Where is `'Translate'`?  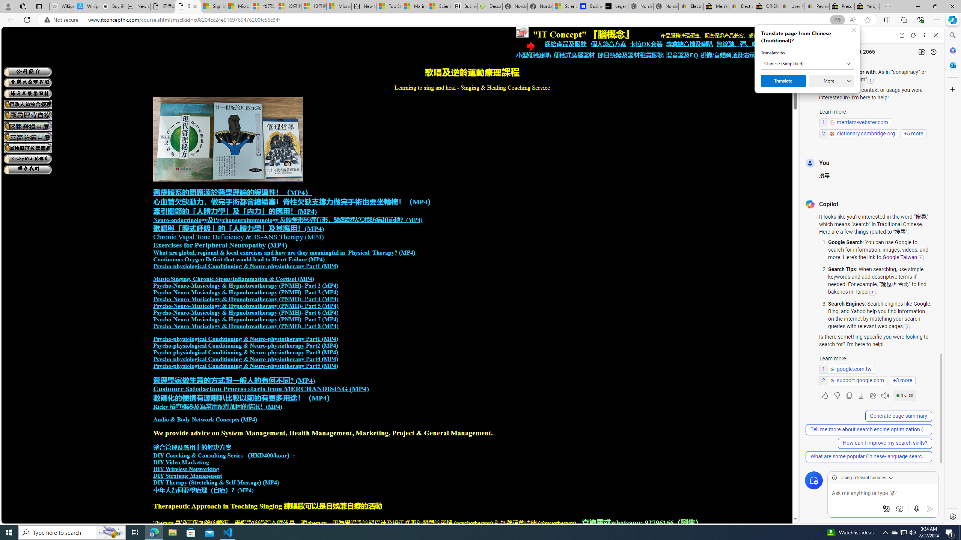 'Translate' is located at coordinates (783, 81).